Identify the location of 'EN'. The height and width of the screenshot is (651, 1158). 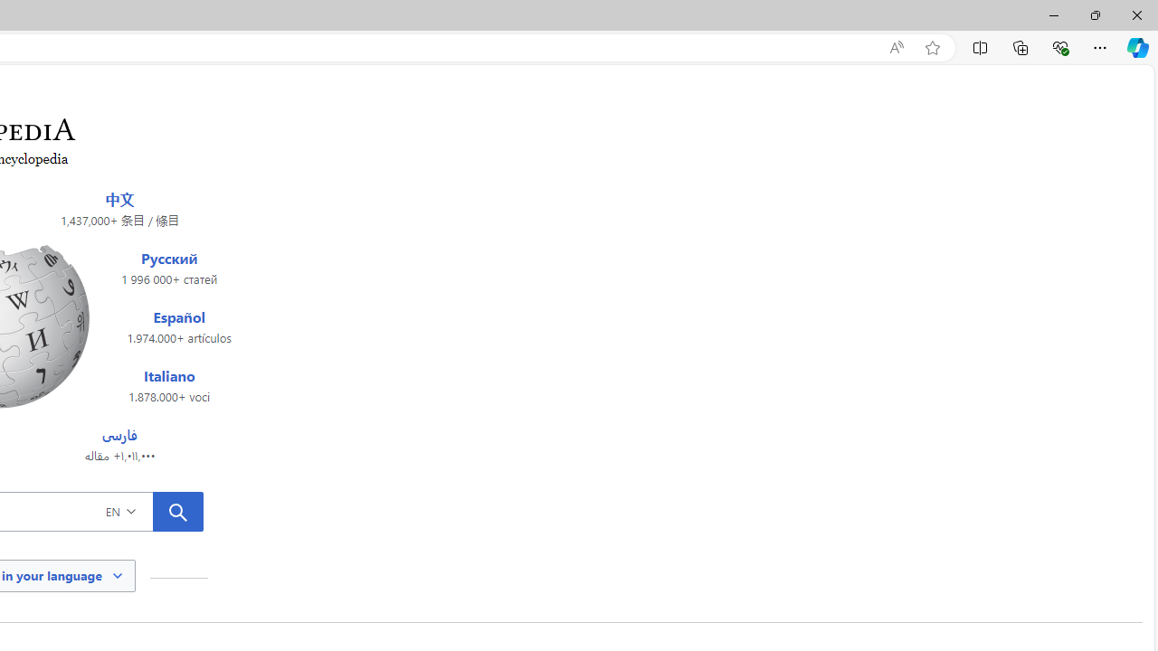
(147, 511).